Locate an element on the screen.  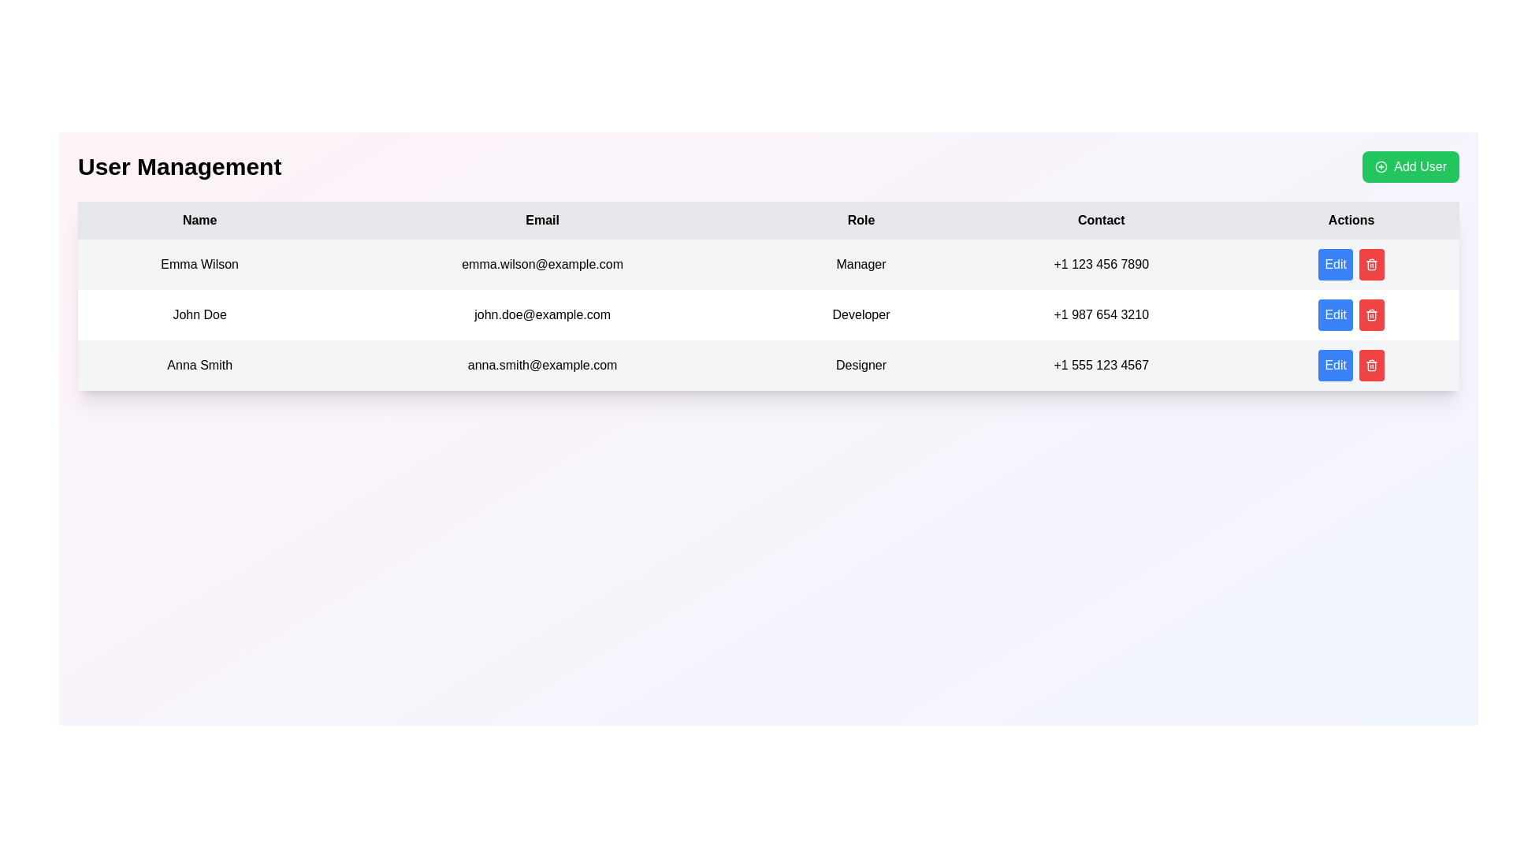
the delete button located in the second row of the user management table, which is positioned directly to the right of the blue 'Edit' button is located at coordinates (1371, 263).